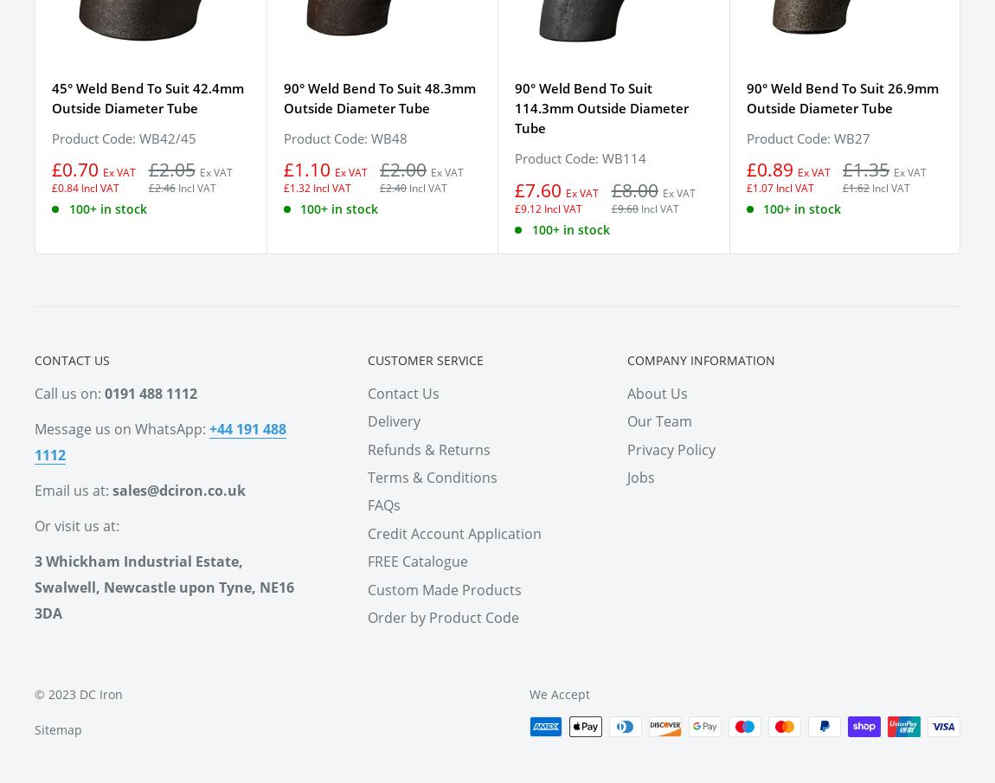  What do you see at coordinates (147, 96) in the screenshot?
I see `'45° Weld Bend To Suit 42.4mm Outside Diameter Tube'` at bounding box center [147, 96].